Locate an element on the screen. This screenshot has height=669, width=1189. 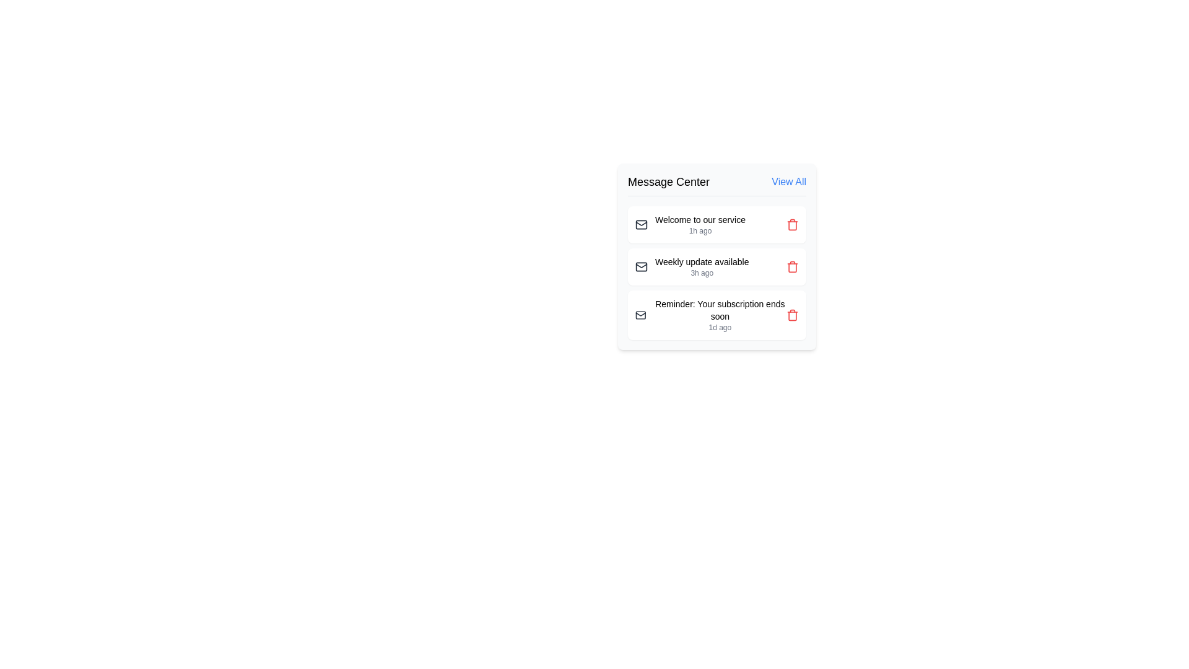
the envelope icon of the second message item in the Message Center to preview the message is located at coordinates (716, 266).